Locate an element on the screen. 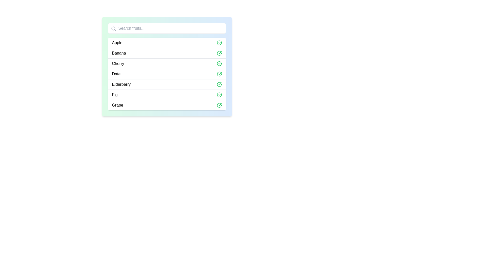 The height and width of the screenshot is (274, 488). the circular green checkmark icon indicating confirmation, positioned to the right of the text 'Fig' is located at coordinates (219, 95).